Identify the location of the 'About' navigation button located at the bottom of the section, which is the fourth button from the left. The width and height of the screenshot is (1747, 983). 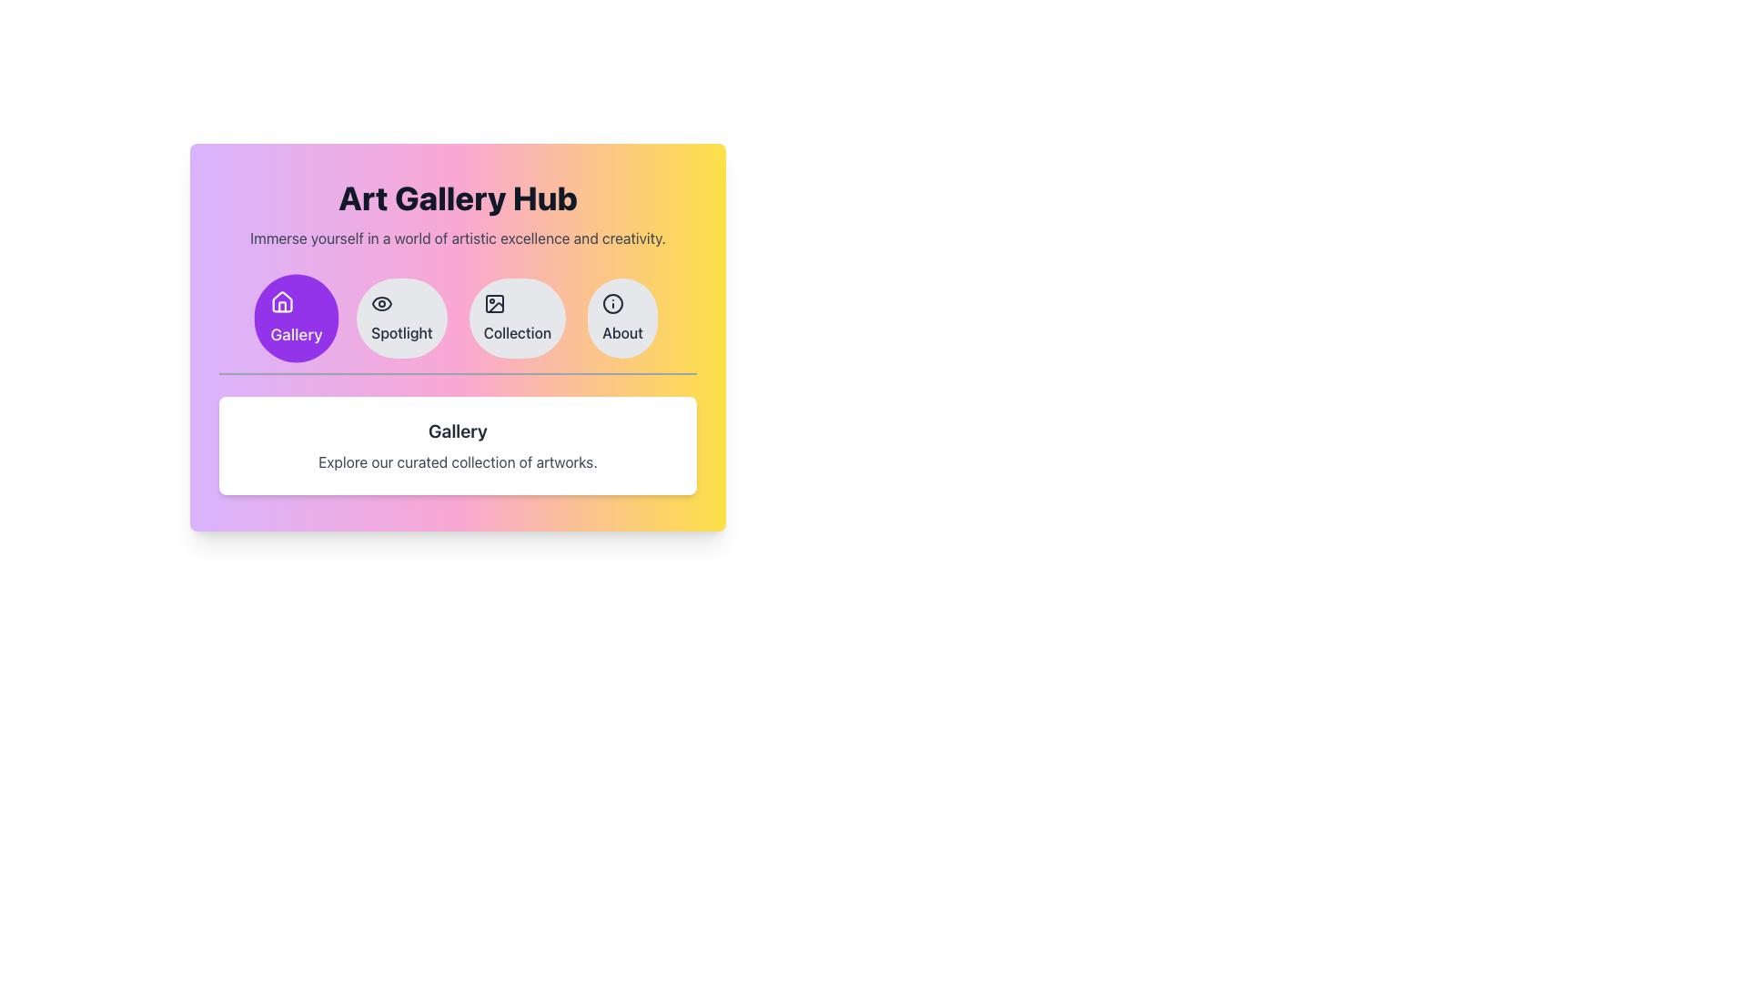
(622, 318).